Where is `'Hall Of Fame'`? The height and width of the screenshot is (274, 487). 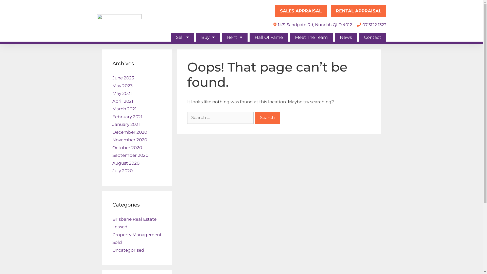
'Hall Of Fame' is located at coordinates (249, 37).